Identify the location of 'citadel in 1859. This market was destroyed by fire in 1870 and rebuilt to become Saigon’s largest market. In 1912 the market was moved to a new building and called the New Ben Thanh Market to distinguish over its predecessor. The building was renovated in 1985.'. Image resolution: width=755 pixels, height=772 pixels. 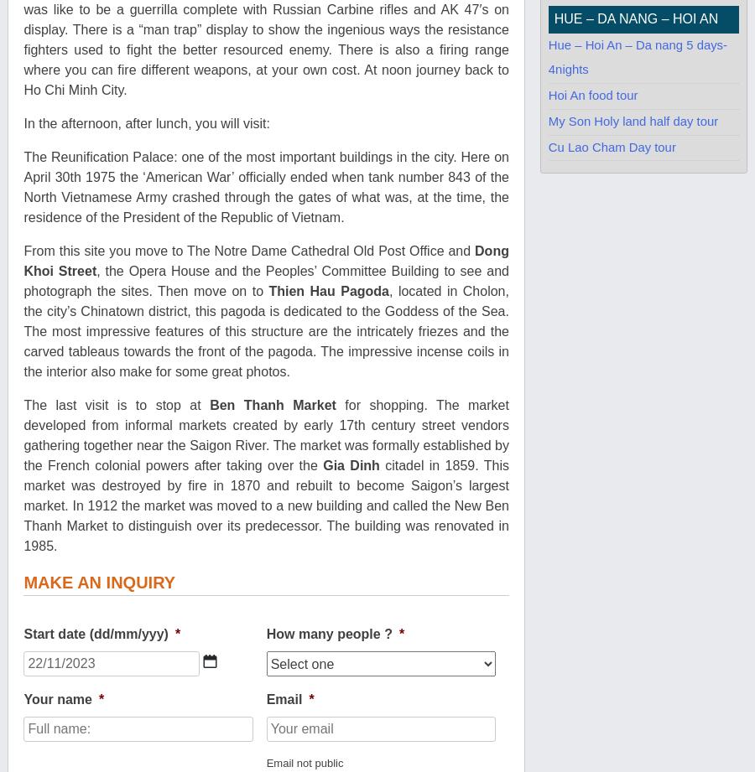
(264, 505).